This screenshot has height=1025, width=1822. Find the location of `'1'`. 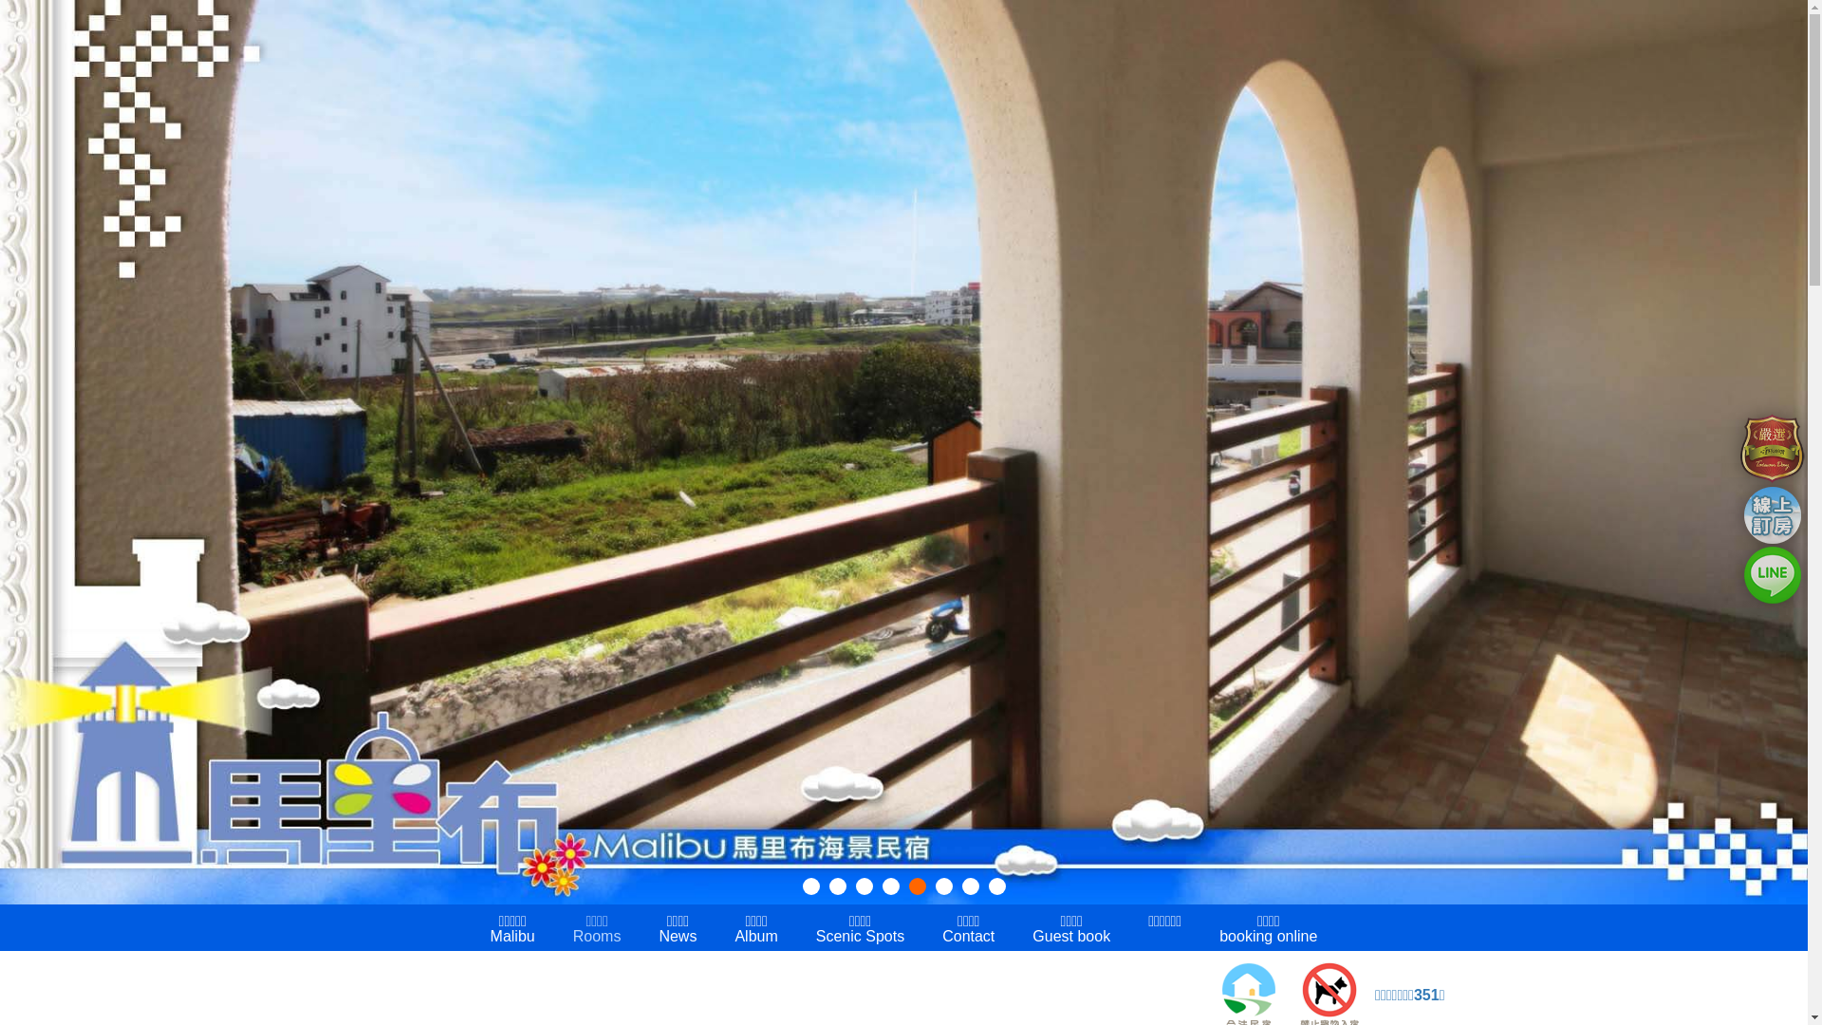

'1' is located at coordinates (810, 885).